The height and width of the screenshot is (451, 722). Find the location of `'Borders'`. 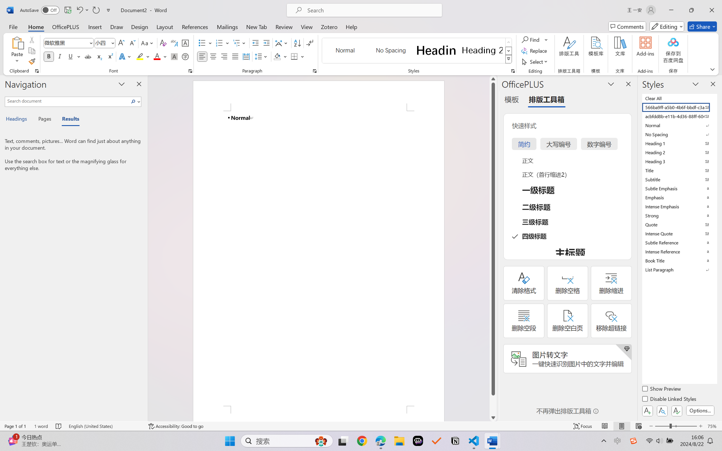

'Borders' is located at coordinates (297, 56).